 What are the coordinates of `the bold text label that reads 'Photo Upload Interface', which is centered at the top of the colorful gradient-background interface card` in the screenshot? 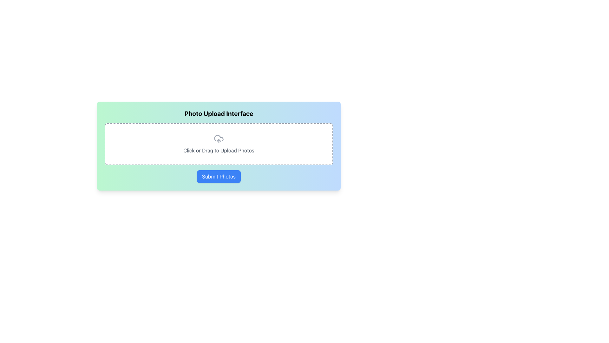 It's located at (219, 113).